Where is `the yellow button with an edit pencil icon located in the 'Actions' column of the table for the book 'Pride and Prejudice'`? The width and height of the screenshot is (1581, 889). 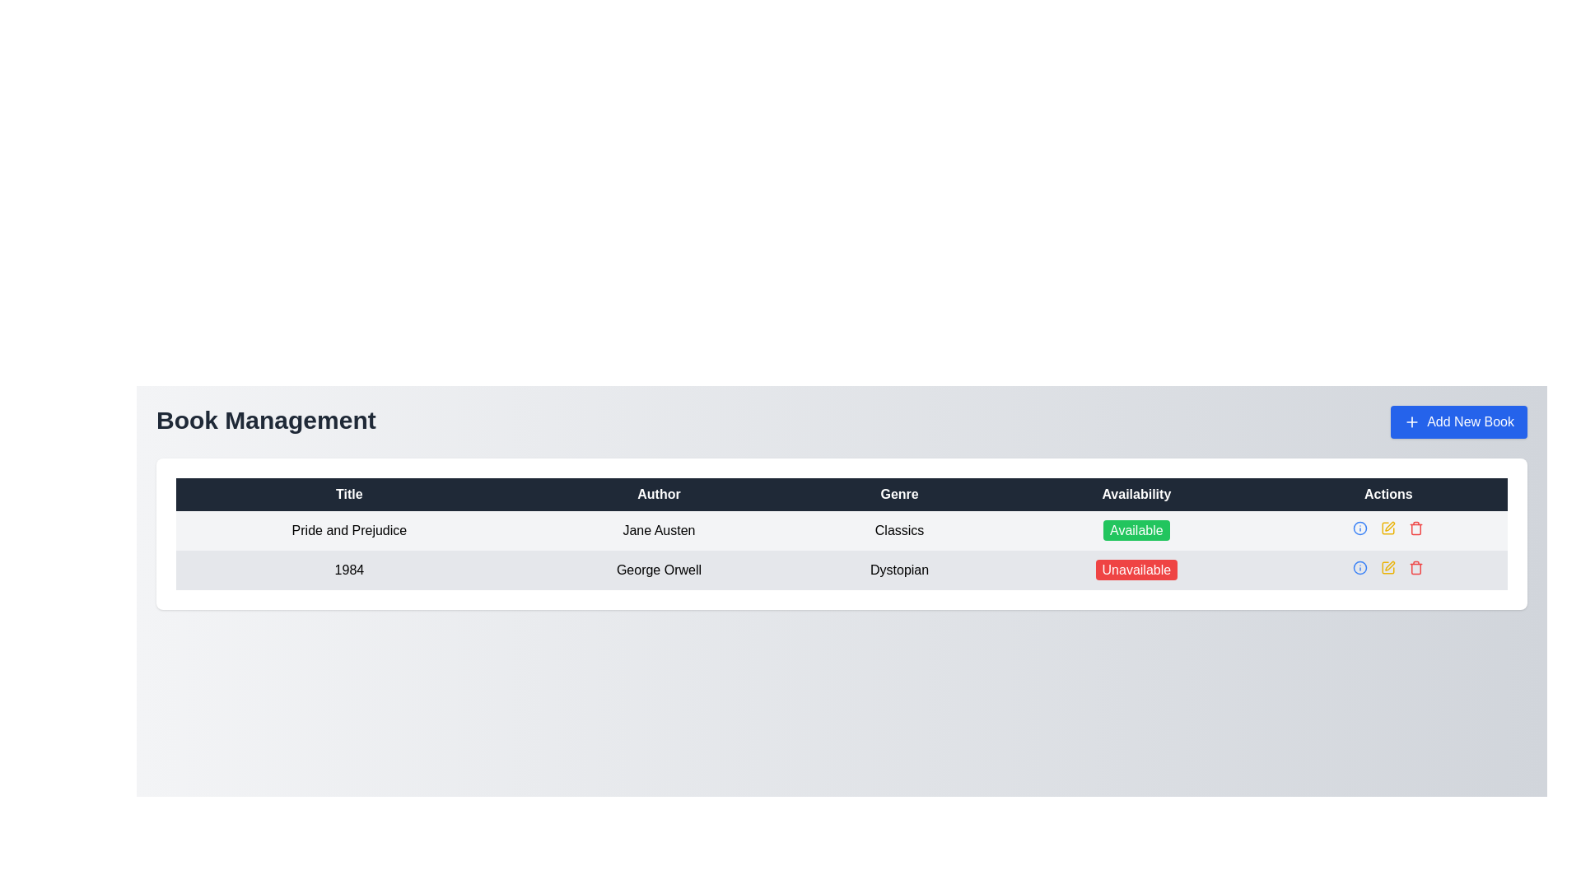
the yellow button with an edit pencil icon located in the 'Actions' column of the table for the book 'Pride and Prejudice' is located at coordinates (1387, 528).